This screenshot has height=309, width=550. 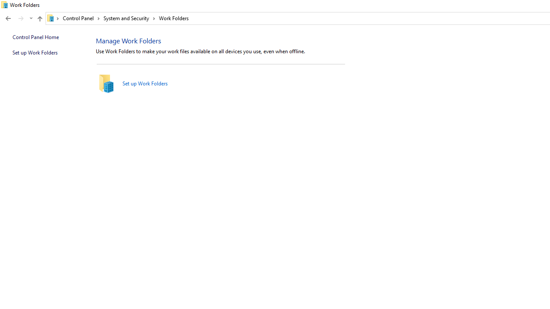 I want to click on 'Navigation buttons', so click(x=18, y=18).